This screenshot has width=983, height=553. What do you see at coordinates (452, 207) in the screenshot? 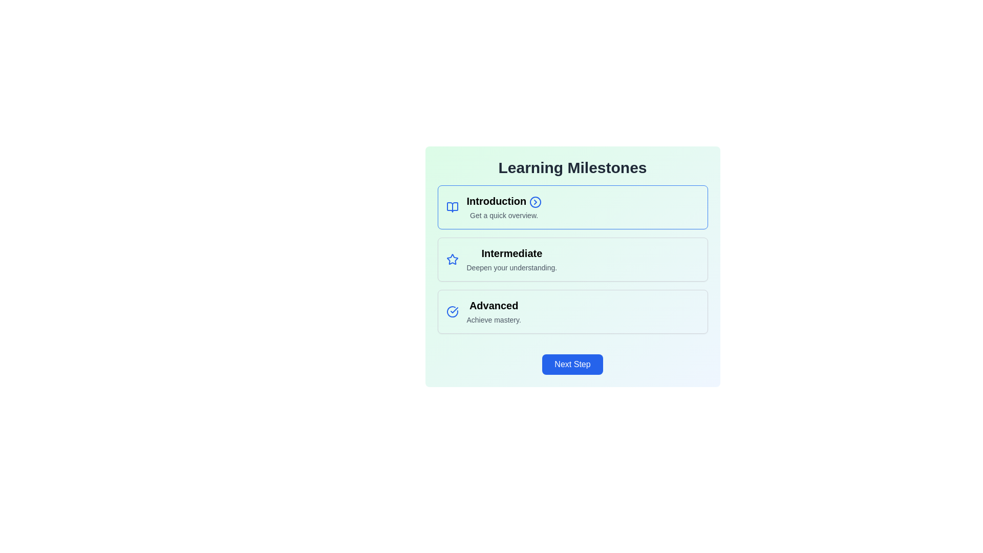
I see `the open book icon, which is a vector-based SVG icon with rounded edges, located adjacent to the 'Introduction' text in the first card of the milestones section` at bounding box center [452, 207].